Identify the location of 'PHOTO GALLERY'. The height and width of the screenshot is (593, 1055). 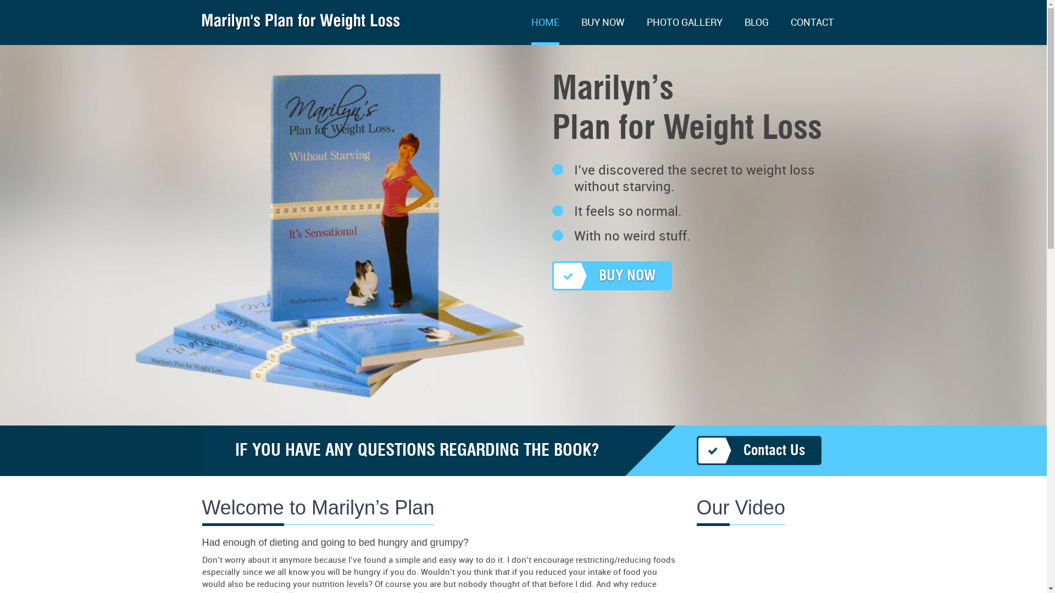
(683, 31).